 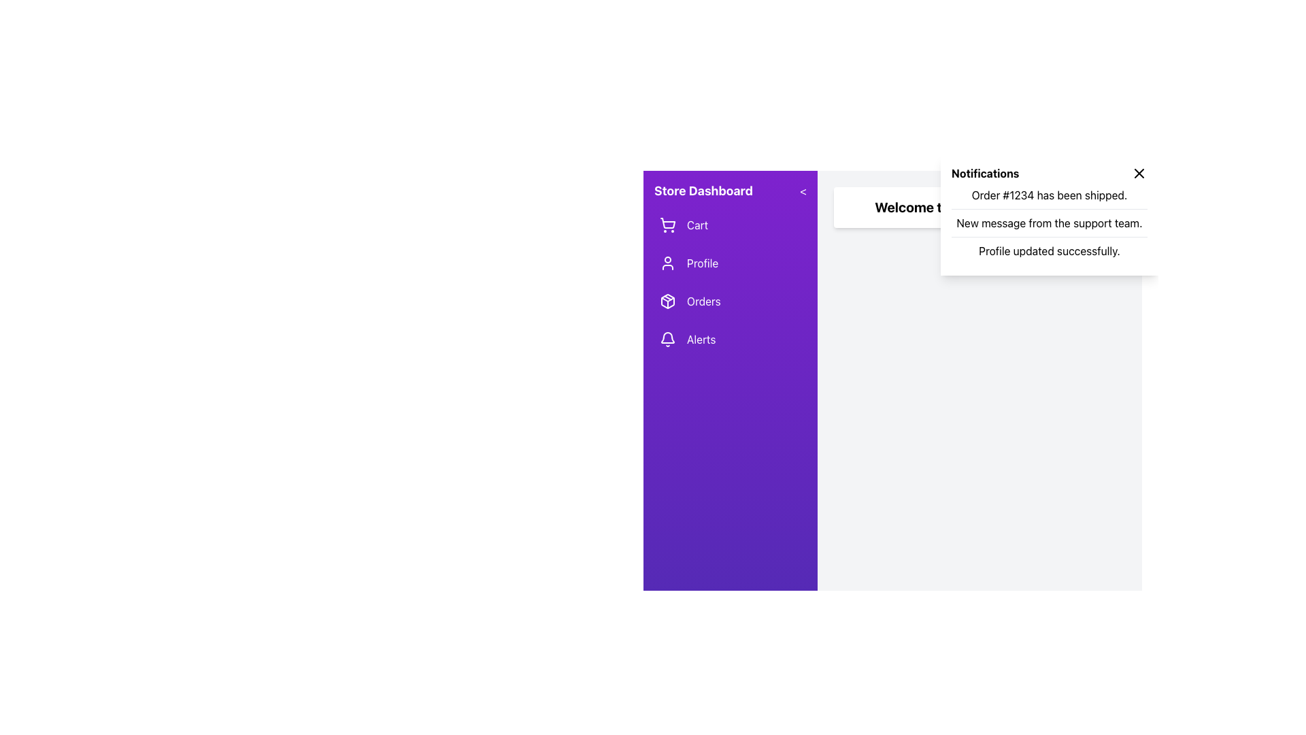 What do you see at coordinates (730, 338) in the screenshot?
I see `the Navigation link with an integrated icon, the fourth item in the vertical navigation panel in the left sidebar, for keyboard navigation` at bounding box center [730, 338].